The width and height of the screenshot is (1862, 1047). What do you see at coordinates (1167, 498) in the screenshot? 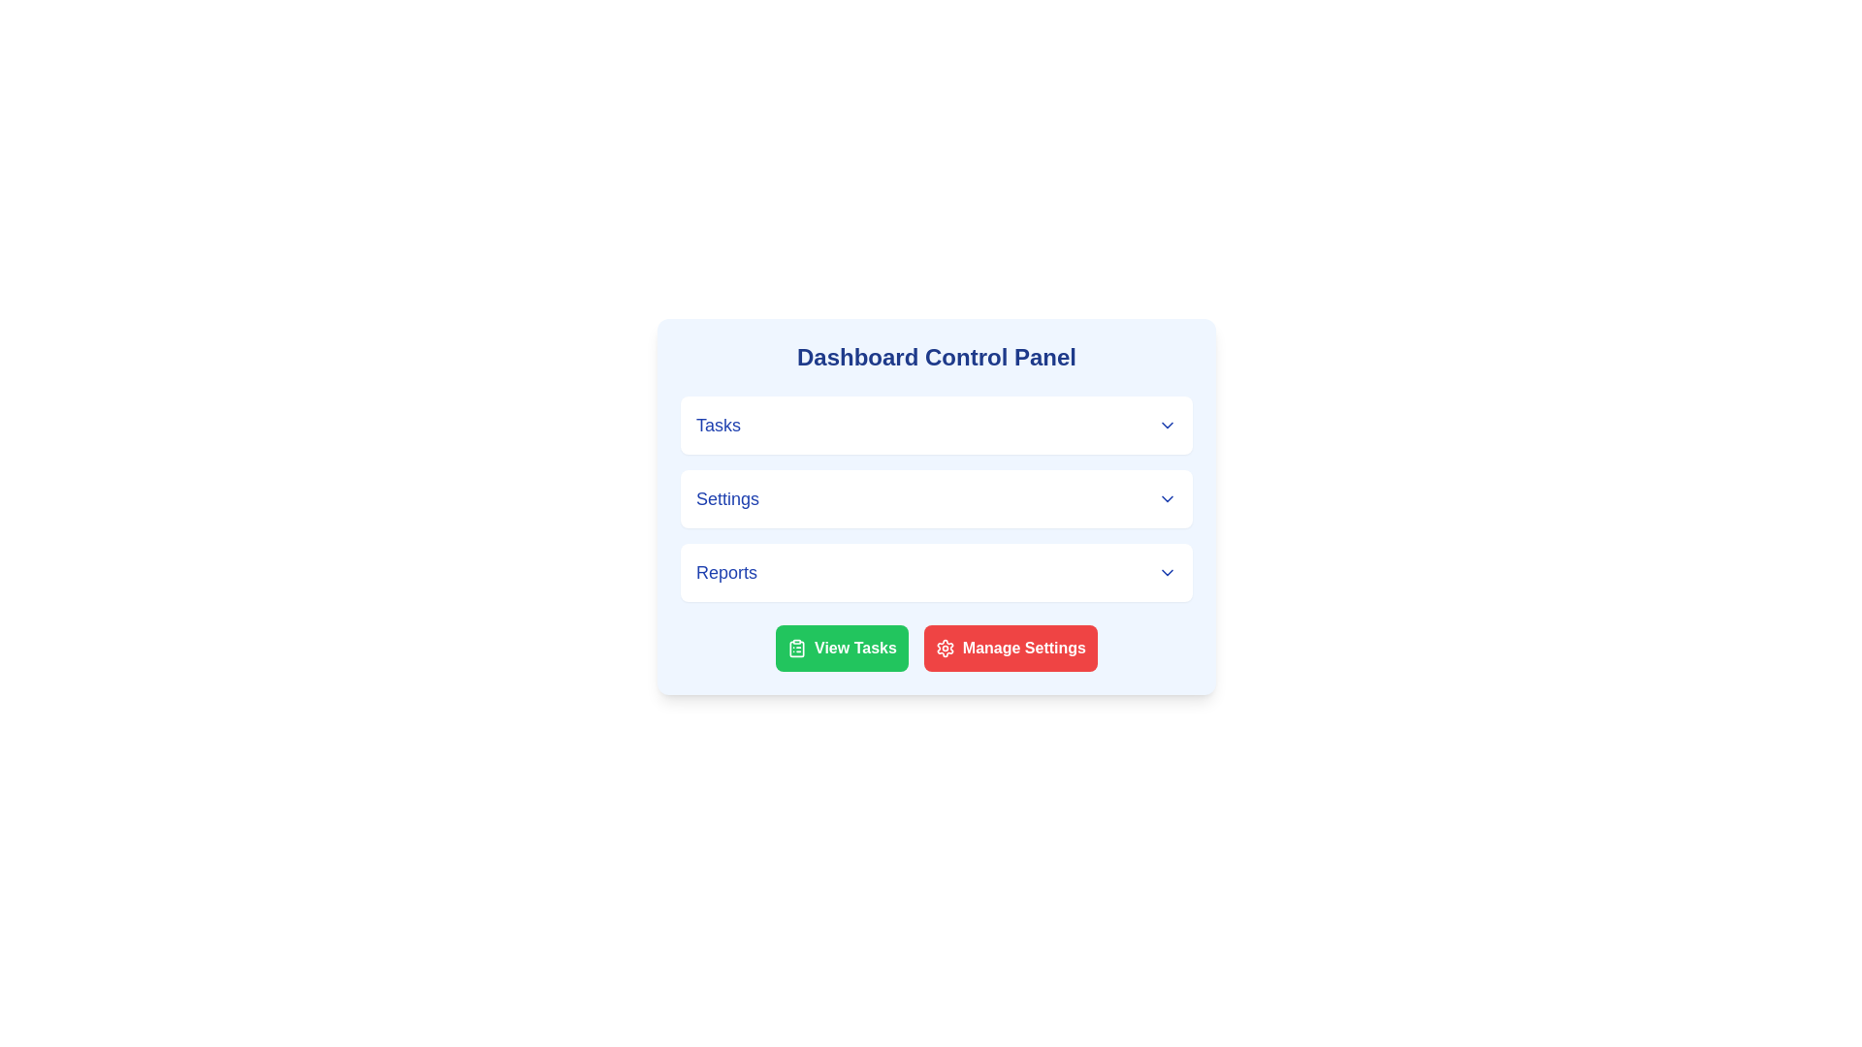
I see `the downward-facing arrow icon representing a chevron` at bounding box center [1167, 498].